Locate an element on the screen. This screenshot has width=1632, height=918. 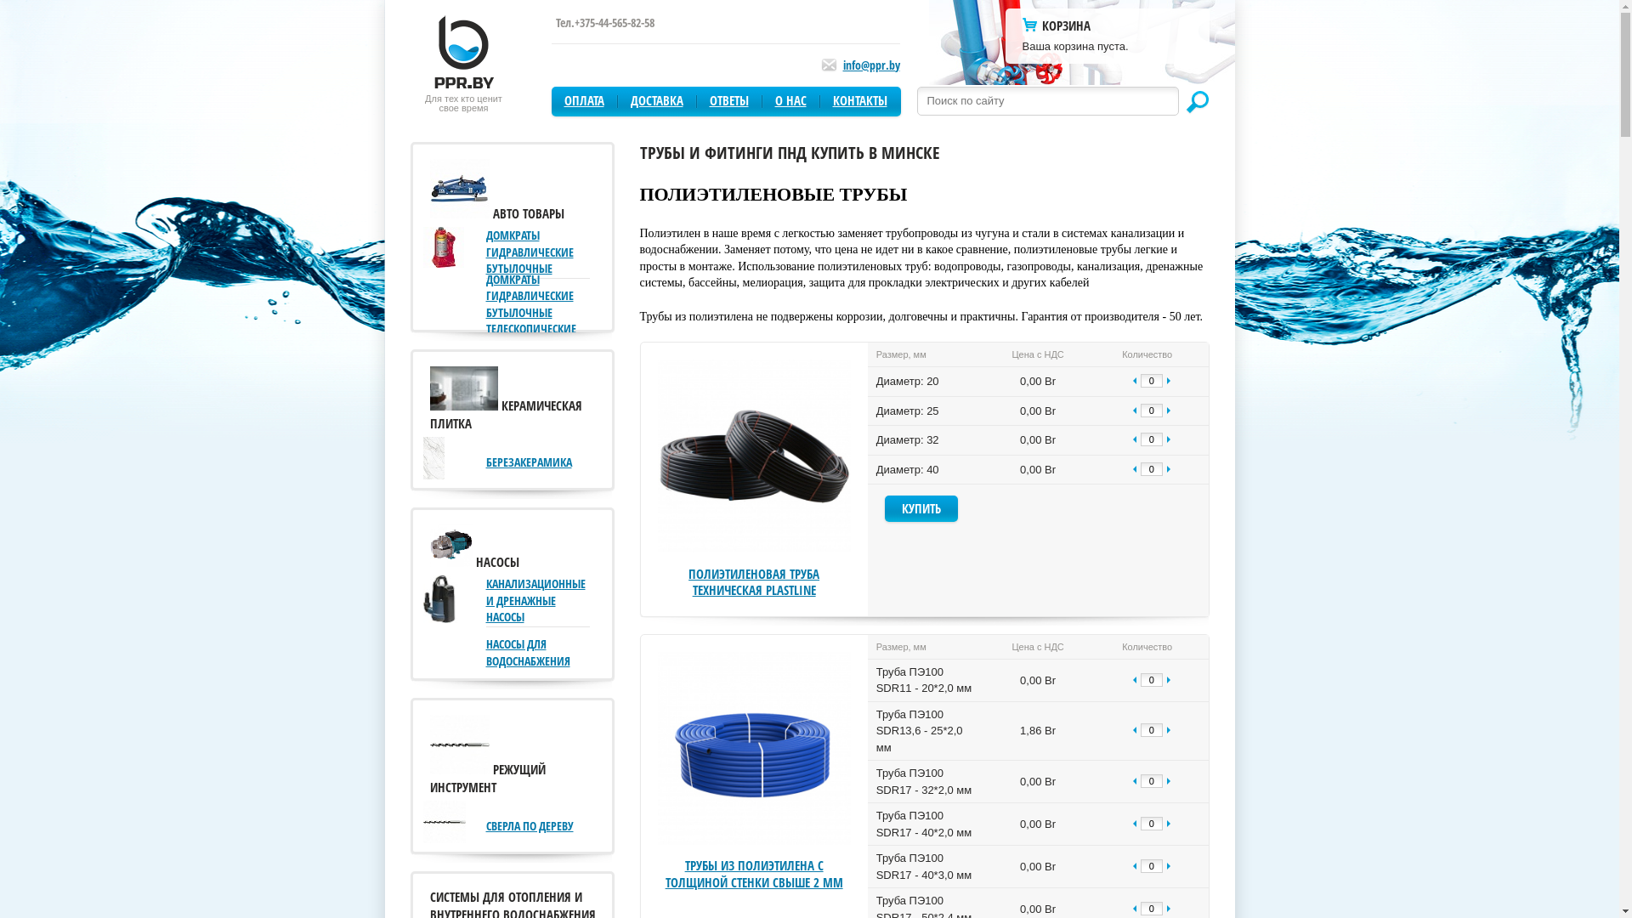
'+' is located at coordinates (1167, 439).